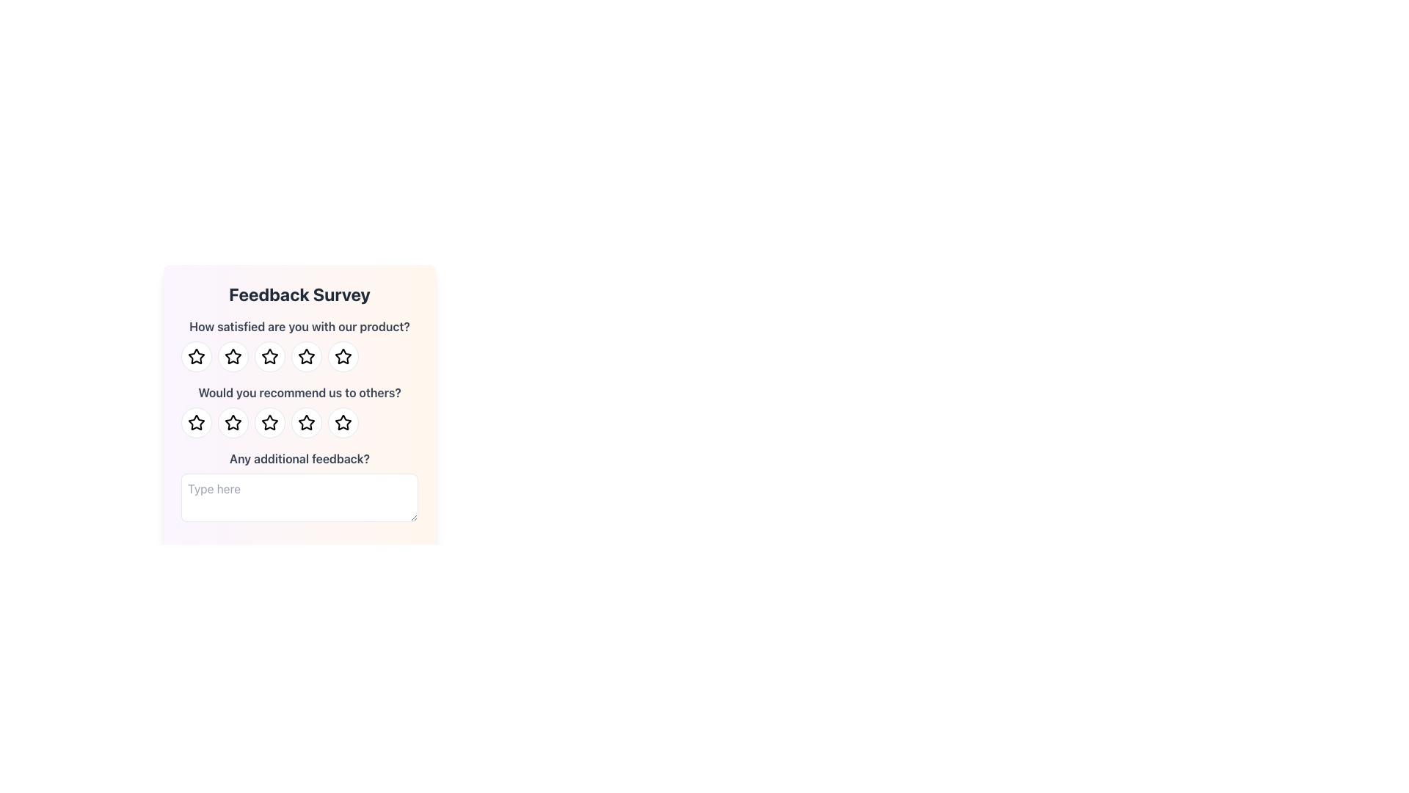 The image size is (1409, 793). I want to click on the fourth star-shaped rating icon in the feedback survey, so click(305, 422).